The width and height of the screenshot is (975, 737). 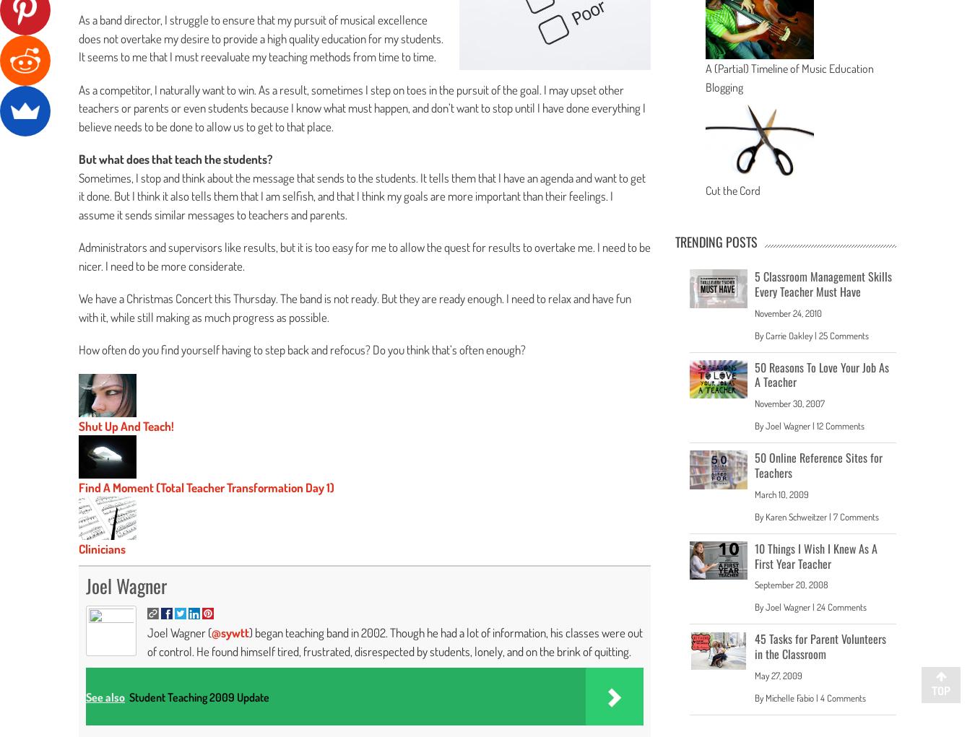 I want to click on '45 Tasks for Parent Volunteers in the Classroom', so click(x=820, y=645).